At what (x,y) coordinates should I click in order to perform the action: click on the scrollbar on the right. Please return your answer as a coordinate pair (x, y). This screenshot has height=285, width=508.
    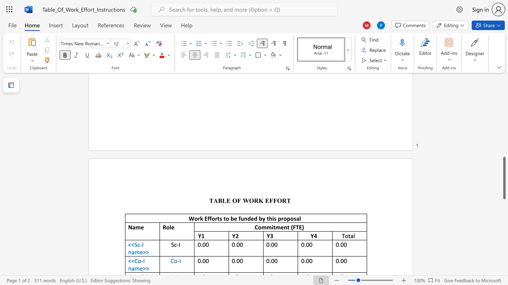
    Looking at the image, I should click on (504, 90).